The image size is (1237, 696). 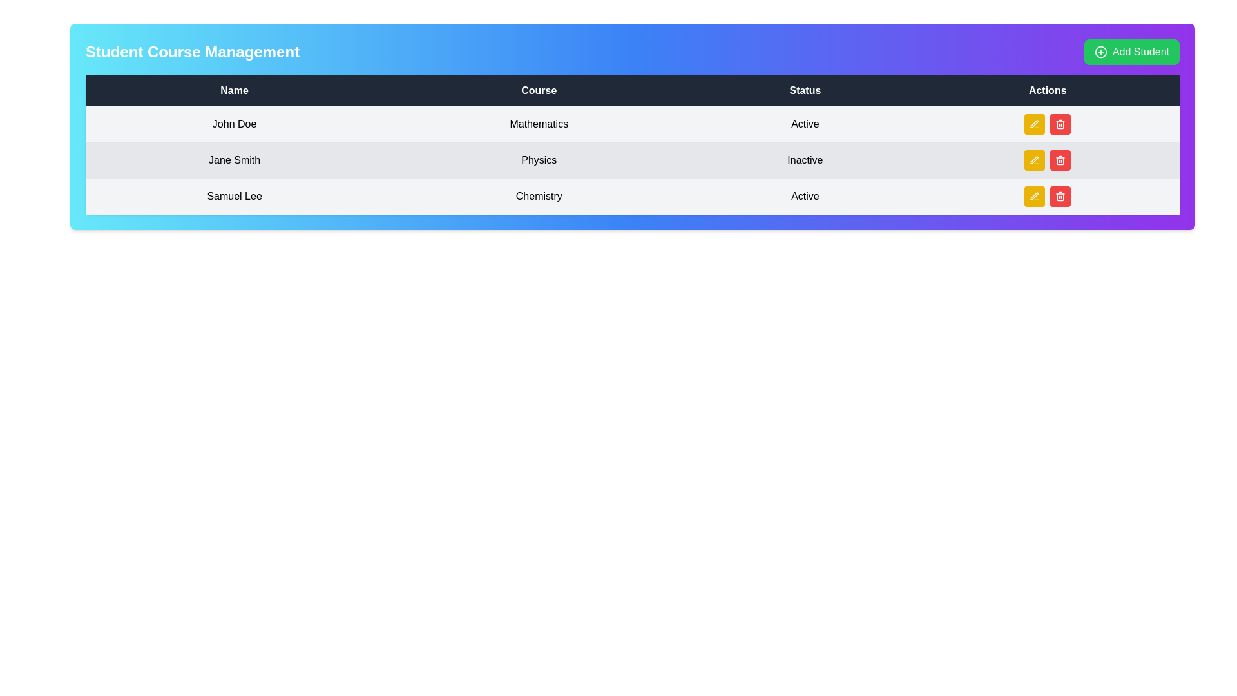 What do you see at coordinates (633, 124) in the screenshot?
I see `the first row of the table under 'Student Course Management'` at bounding box center [633, 124].